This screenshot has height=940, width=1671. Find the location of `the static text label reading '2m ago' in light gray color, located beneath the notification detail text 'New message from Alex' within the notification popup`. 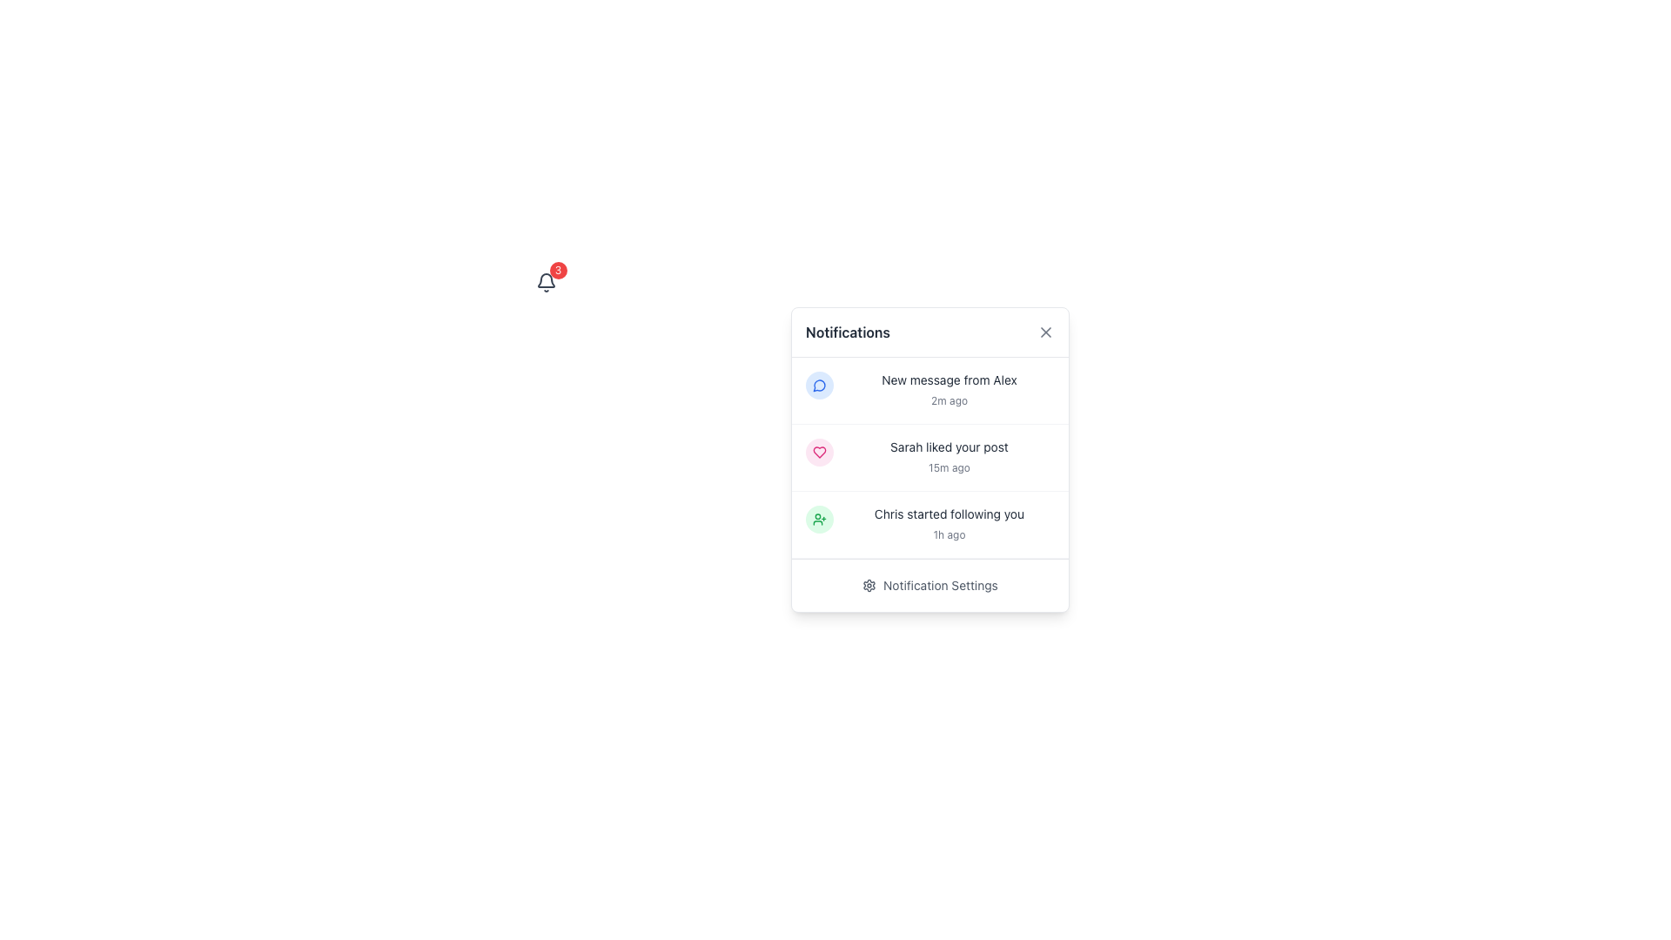

the static text label reading '2m ago' in light gray color, located beneath the notification detail text 'New message from Alex' within the notification popup is located at coordinates (948, 400).